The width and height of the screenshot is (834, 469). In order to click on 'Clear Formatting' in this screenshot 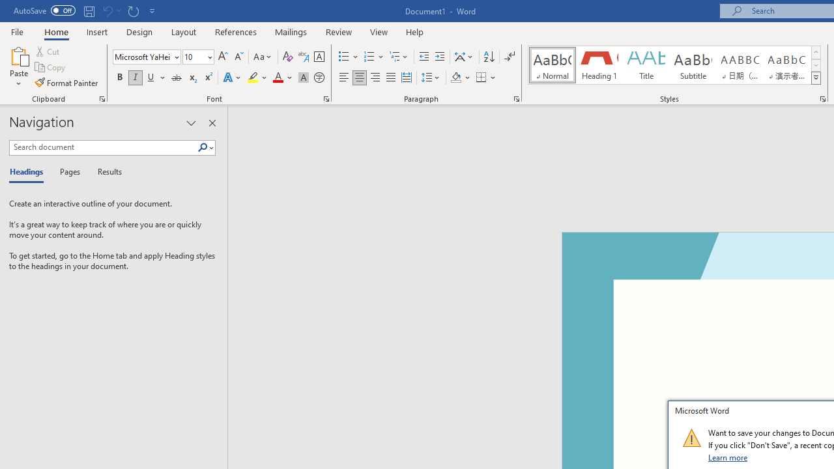, I will do `click(287, 56)`.